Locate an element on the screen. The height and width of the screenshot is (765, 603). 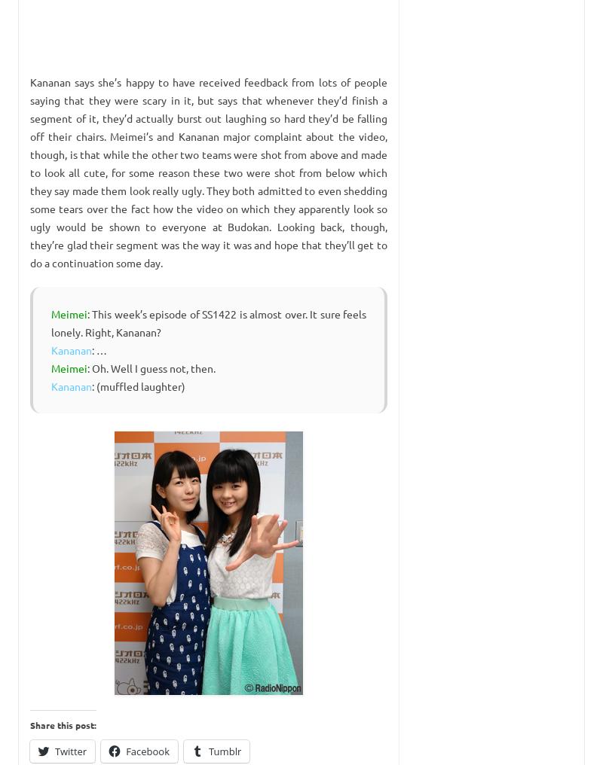
': This week’s episode of SS1422 is almost over. It sure feels lonely. Right, Kananan?' is located at coordinates (209, 322).